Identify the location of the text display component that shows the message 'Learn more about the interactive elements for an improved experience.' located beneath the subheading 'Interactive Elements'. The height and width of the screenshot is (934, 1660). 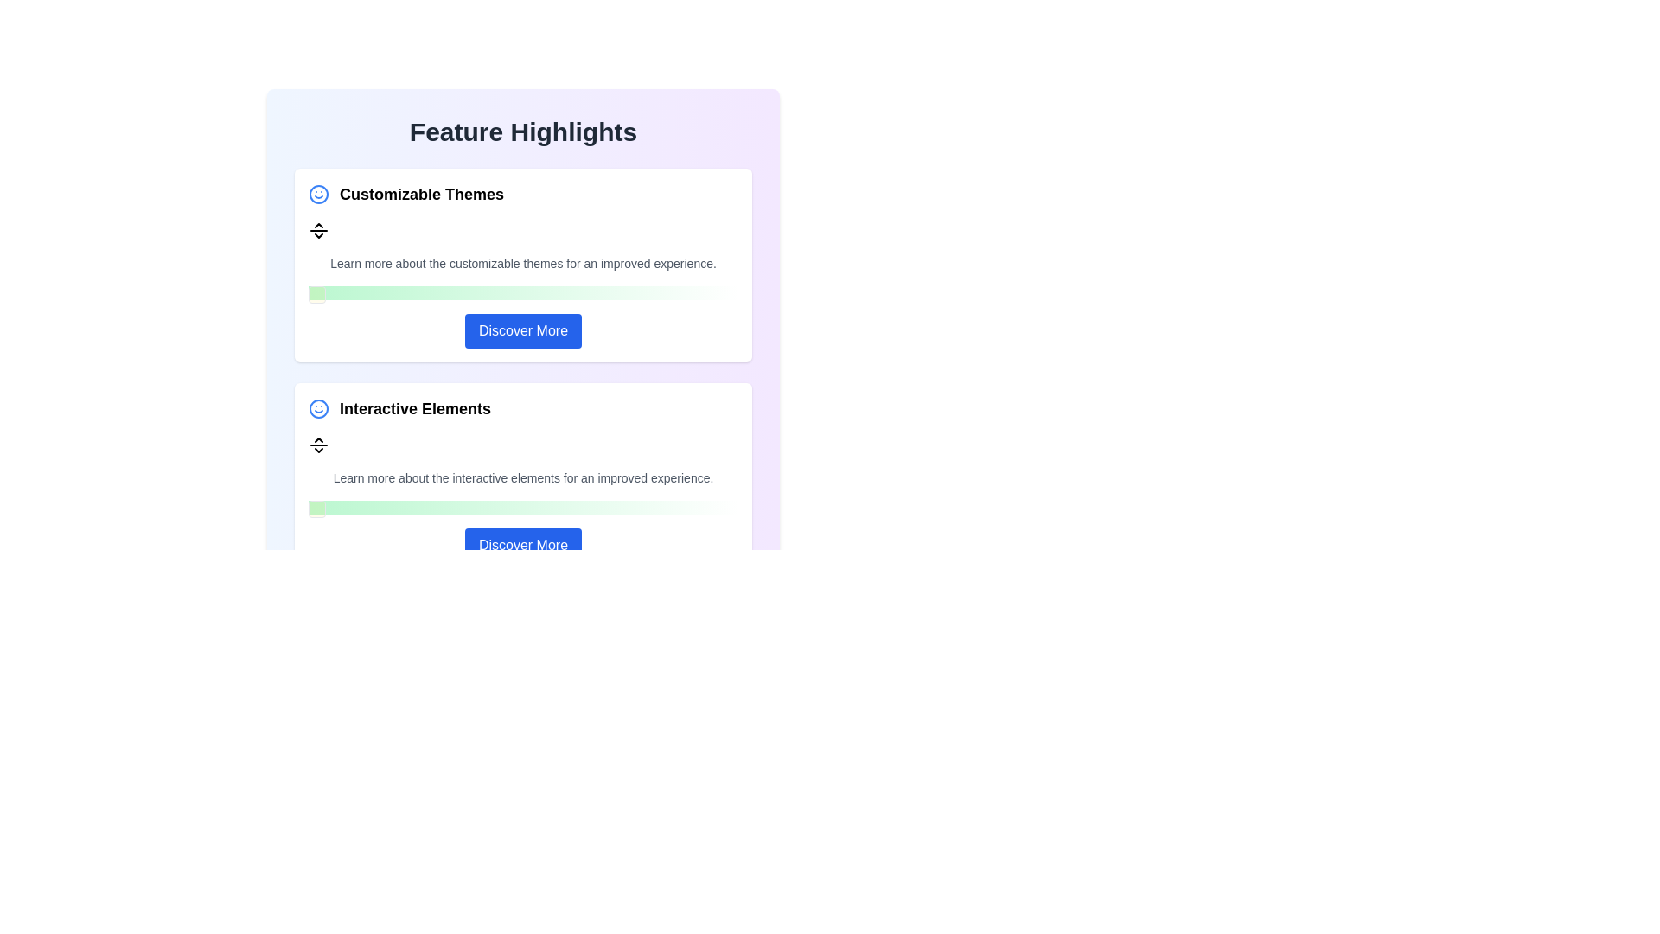
(522, 477).